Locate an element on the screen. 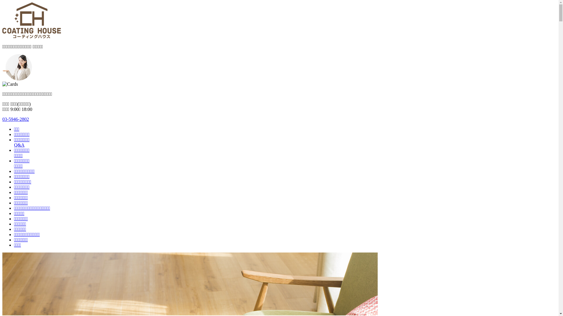 The image size is (563, 316). '03-5946-2802' is located at coordinates (2, 119).